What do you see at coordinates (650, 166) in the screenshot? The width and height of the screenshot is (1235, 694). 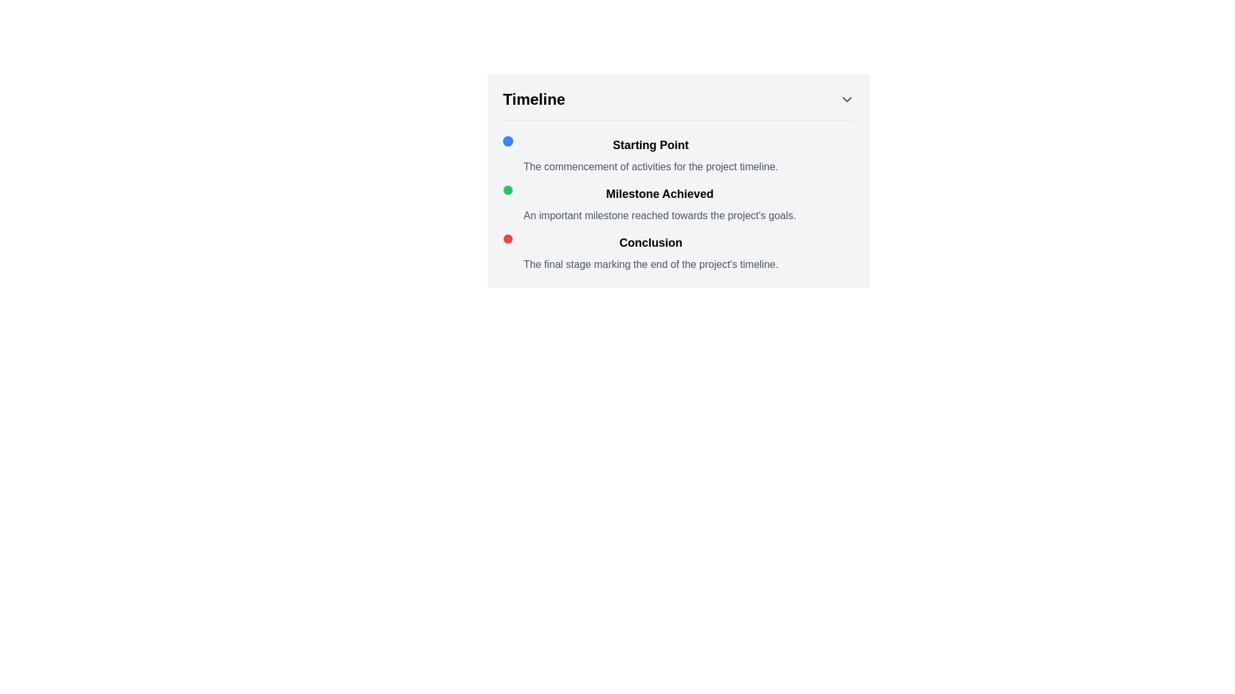 I see `the informational text that contains the message 'The commencement of activities for the project timeline.' which is styled in light gray and located below the heading 'Starting Point.'` at bounding box center [650, 166].